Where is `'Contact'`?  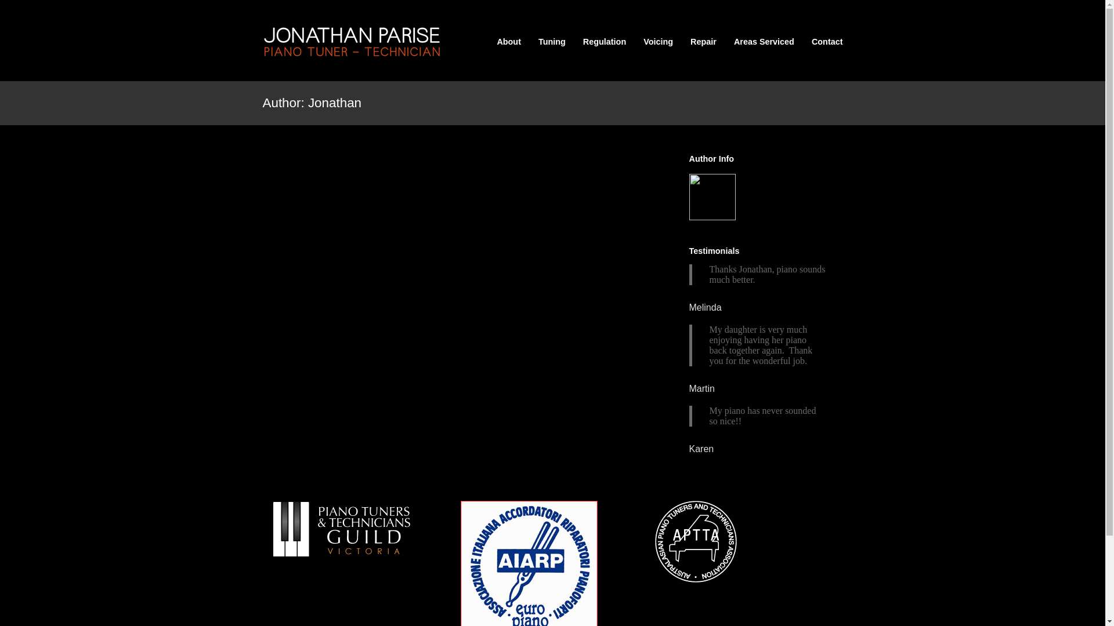
'Contact' is located at coordinates (826, 41).